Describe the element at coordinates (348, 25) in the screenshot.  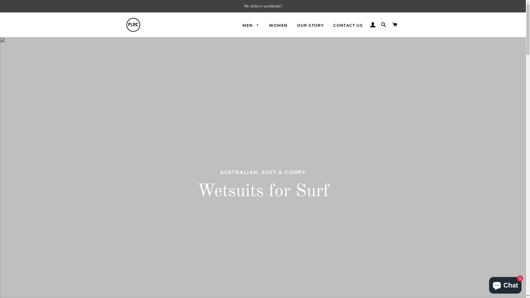
I see `'CONTACT US'` at that location.